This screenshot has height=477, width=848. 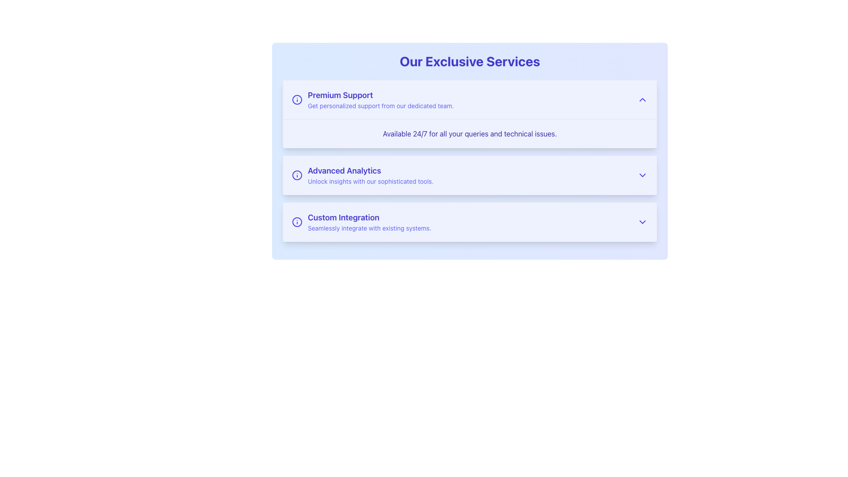 What do you see at coordinates (469, 134) in the screenshot?
I see `the descriptive text label for the 'Premium Support' feature located in the 'Our Exclusive Services' section, which is centered below the header text` at bounding box center [469, 134].